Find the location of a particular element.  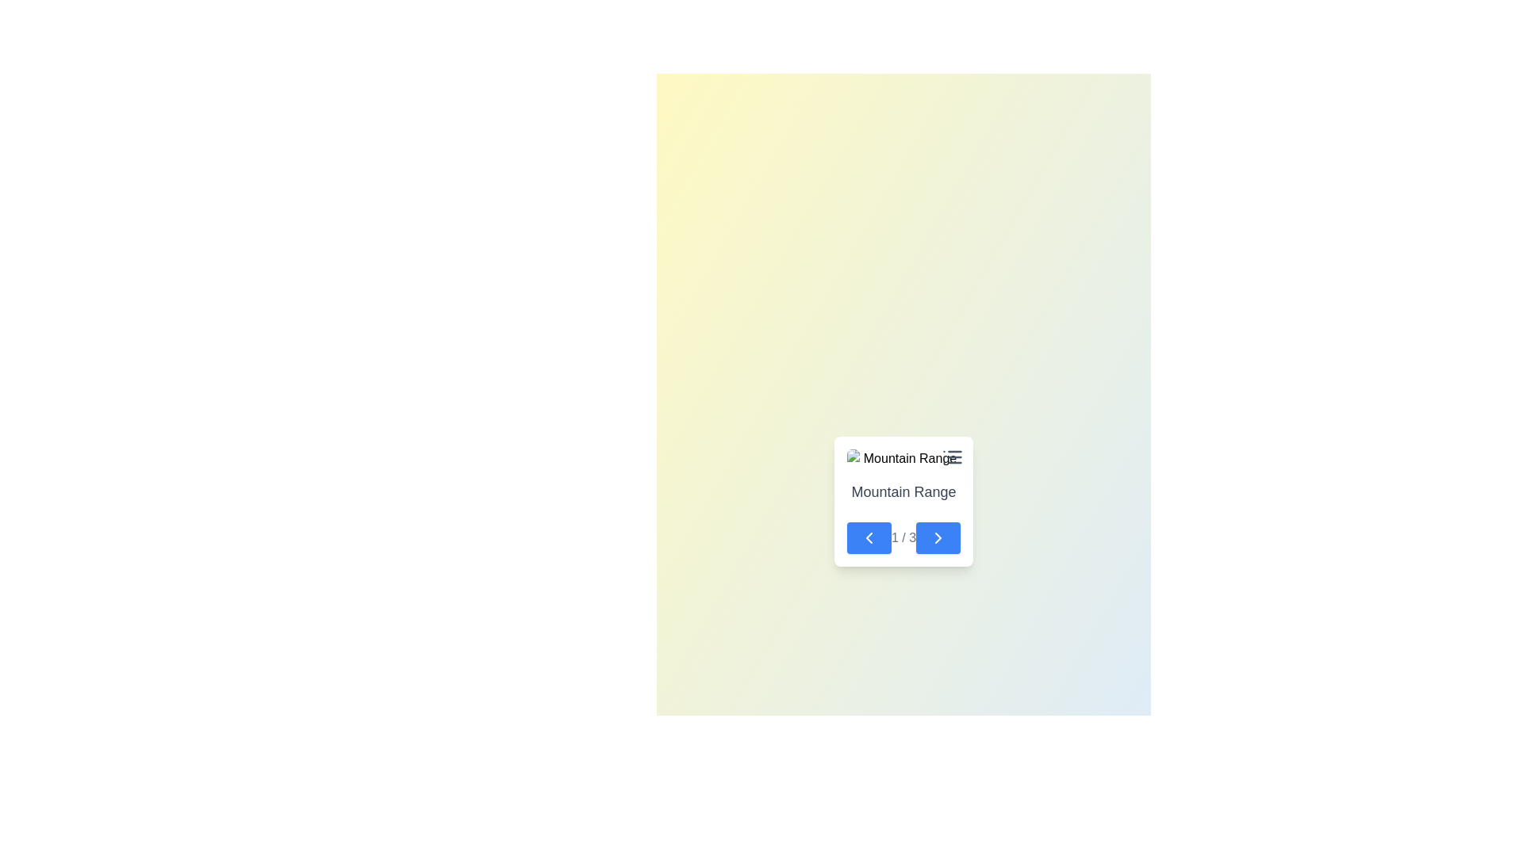

the Navigation button icon located to the right of the number indicator ('1 / 3') in the pop-up interface is located at coordinates (938, 537).